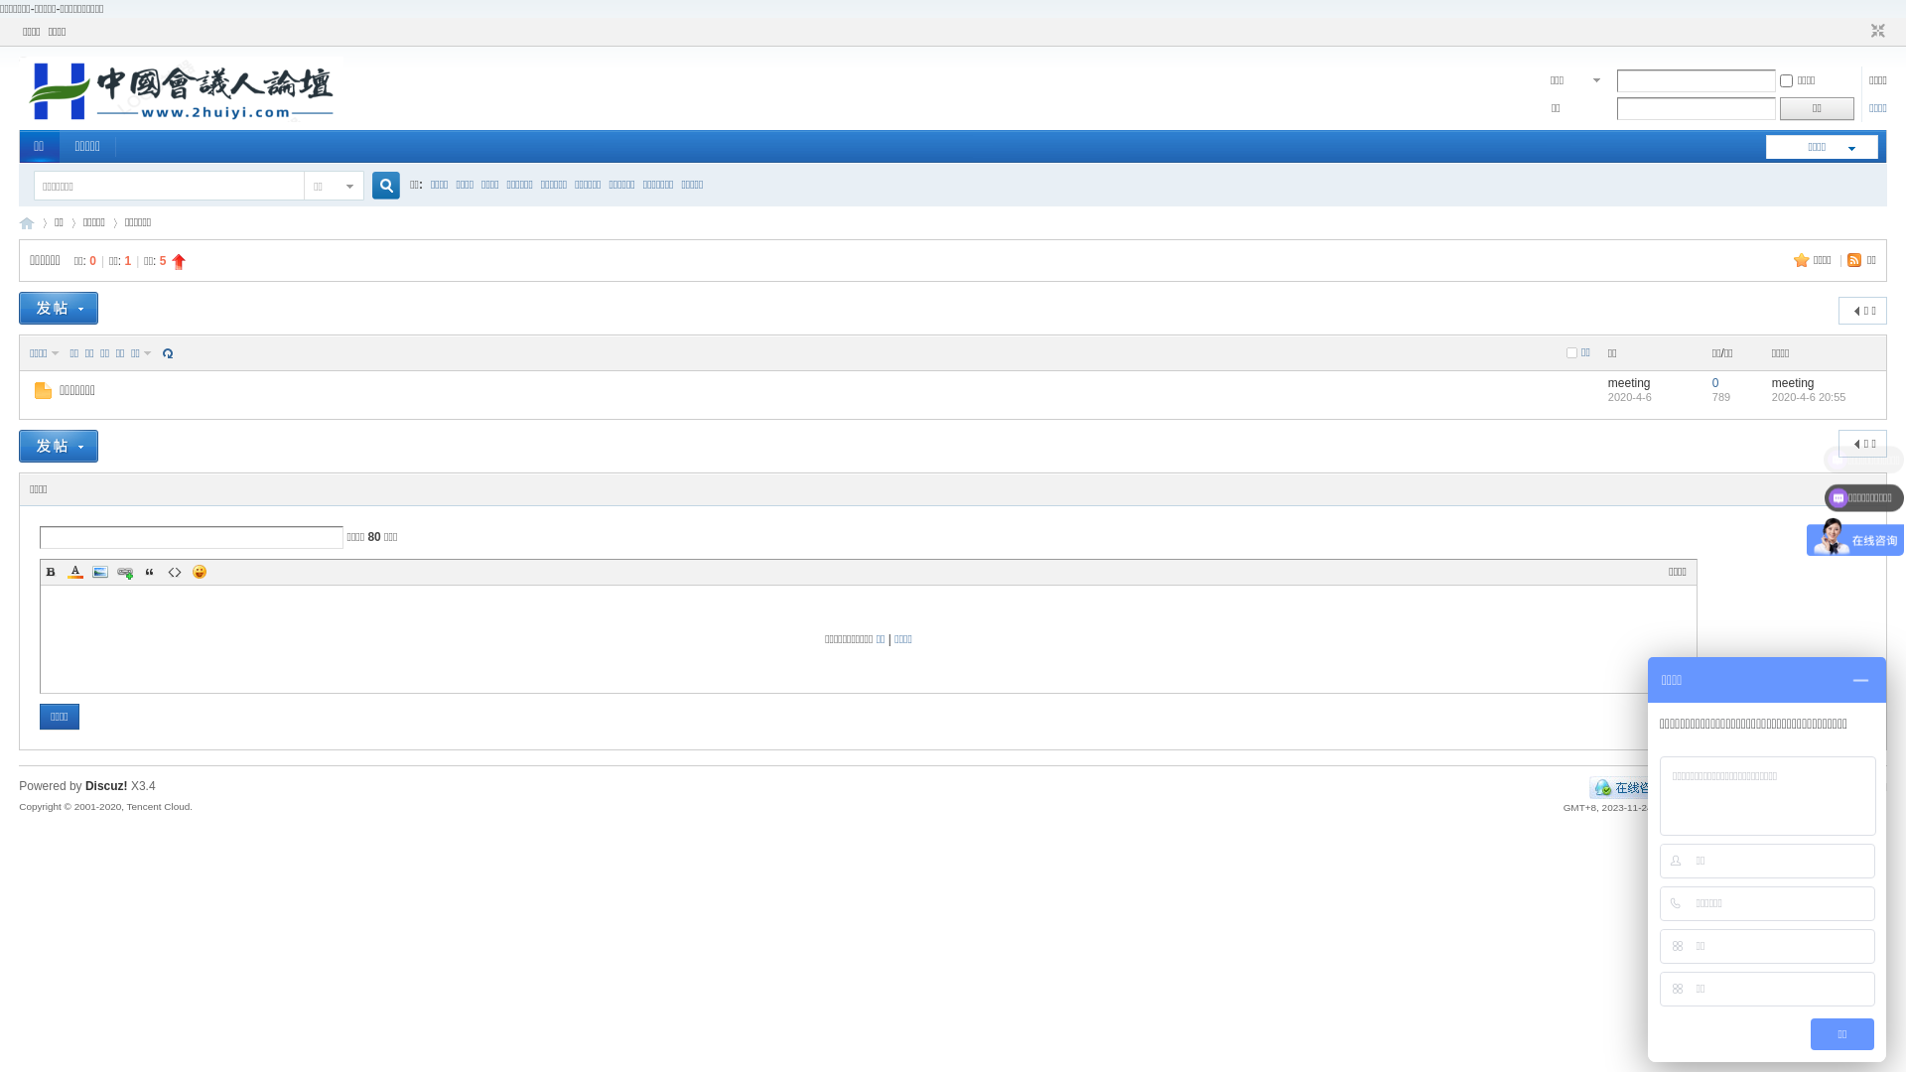 The height and width of the screenshot is (1072, 1906). Describe the element at coordinates (200, 571) in the screenshot. I see `'Smilies'` at that location.